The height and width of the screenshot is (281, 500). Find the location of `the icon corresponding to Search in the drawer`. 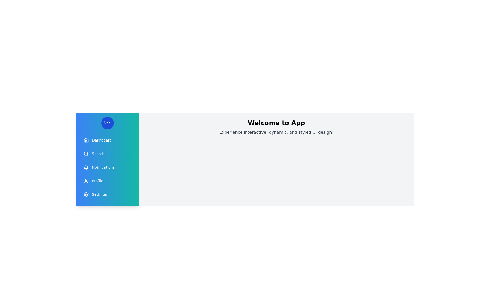

the icon corresponding to Search in the drawer is located at coordinates (86, 153).